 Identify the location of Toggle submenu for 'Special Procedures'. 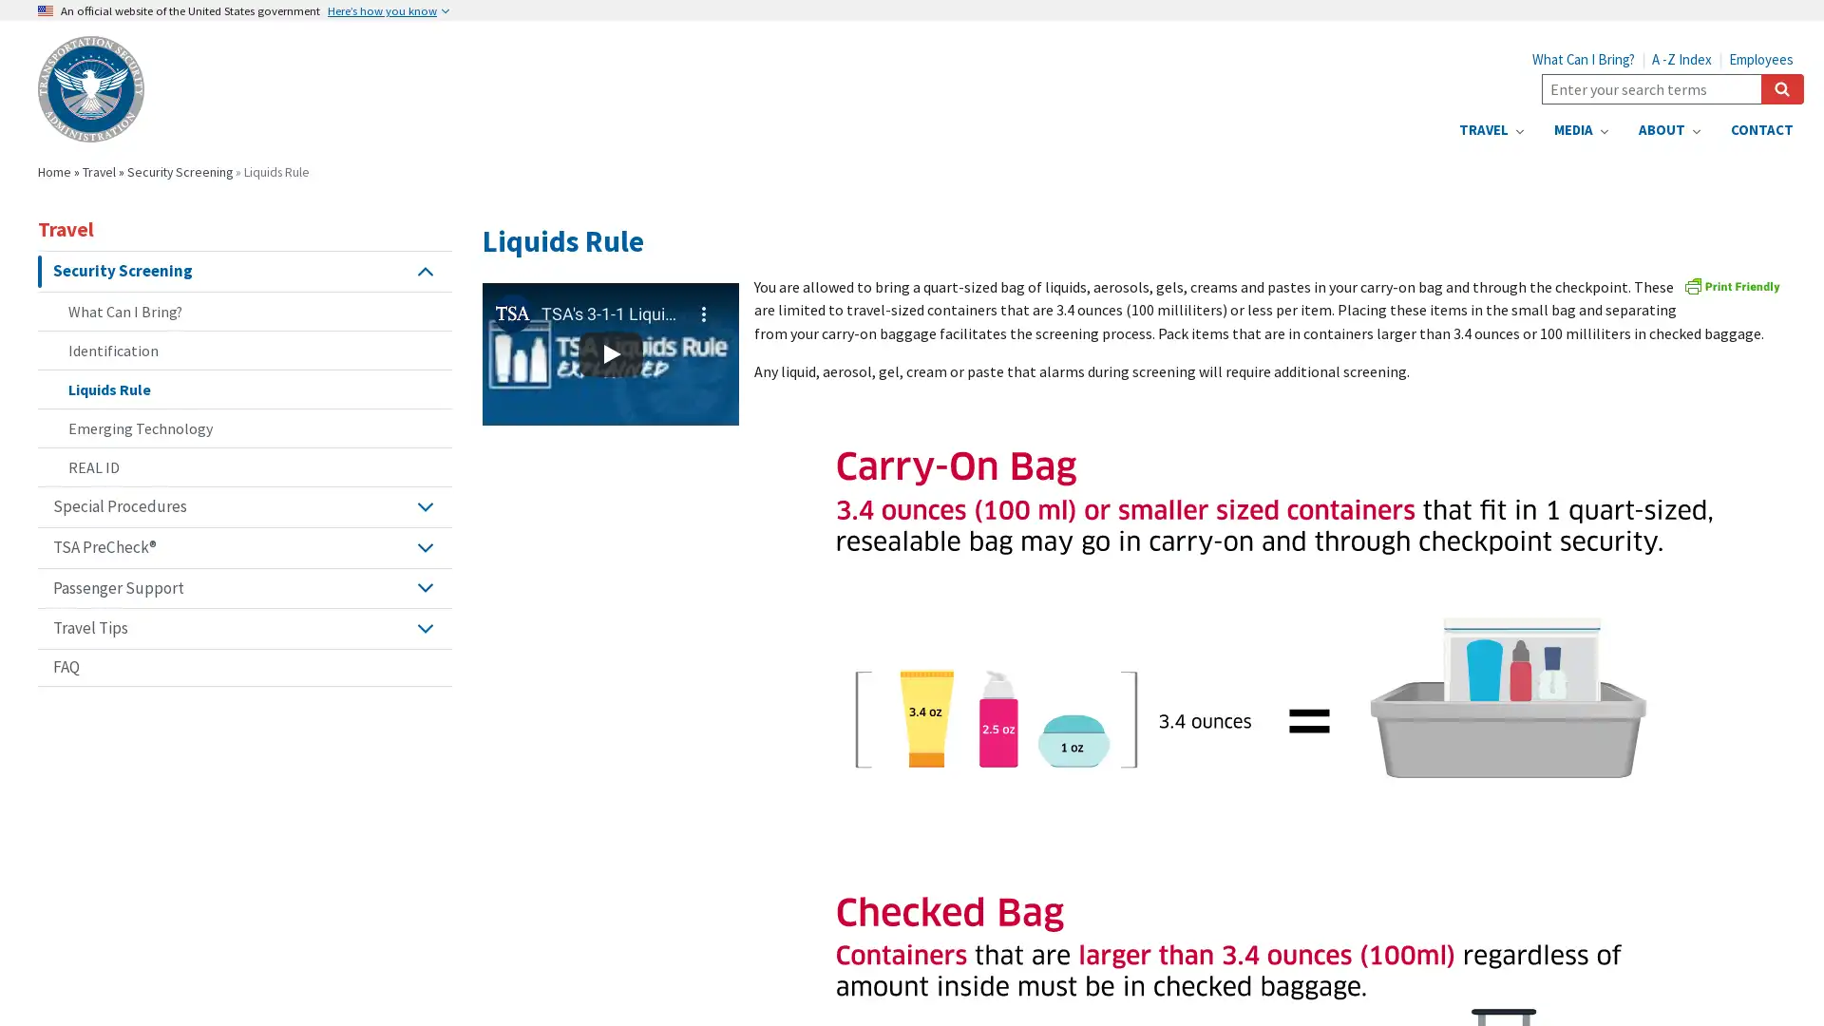
(424, 504).